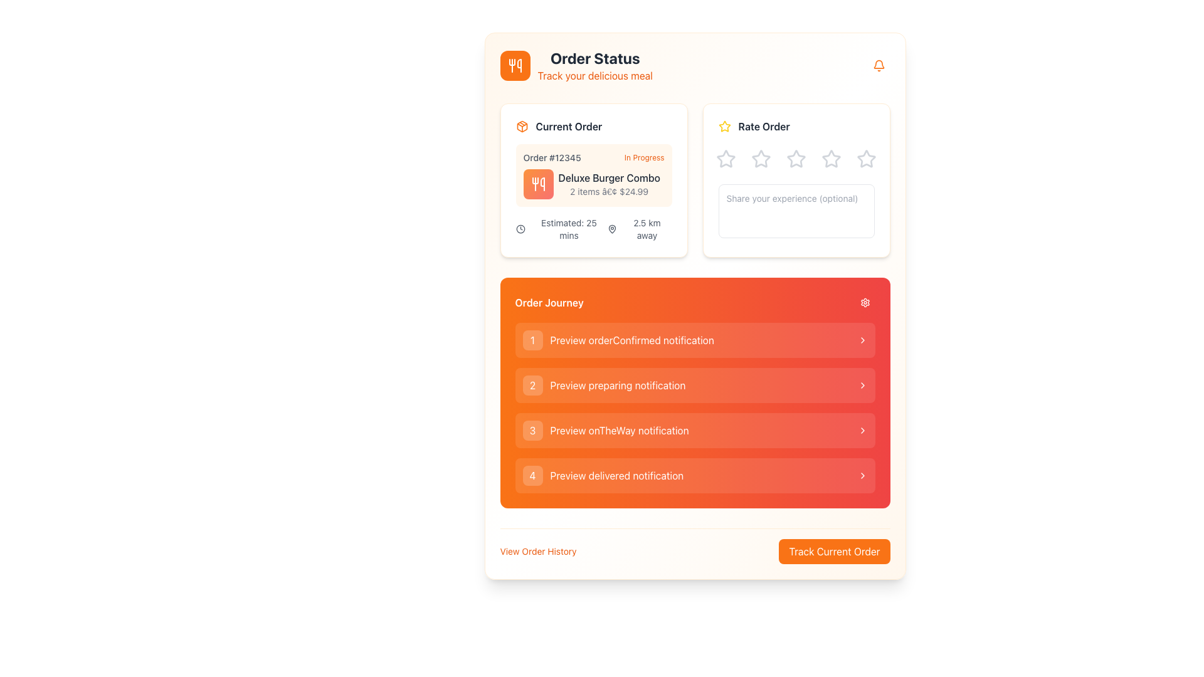 The image size is (1204, 677). I want to click on the fork and knife icon with a white design on a gradient orange-red background, located in the upper-left corner of the interface, so click(538, 184).